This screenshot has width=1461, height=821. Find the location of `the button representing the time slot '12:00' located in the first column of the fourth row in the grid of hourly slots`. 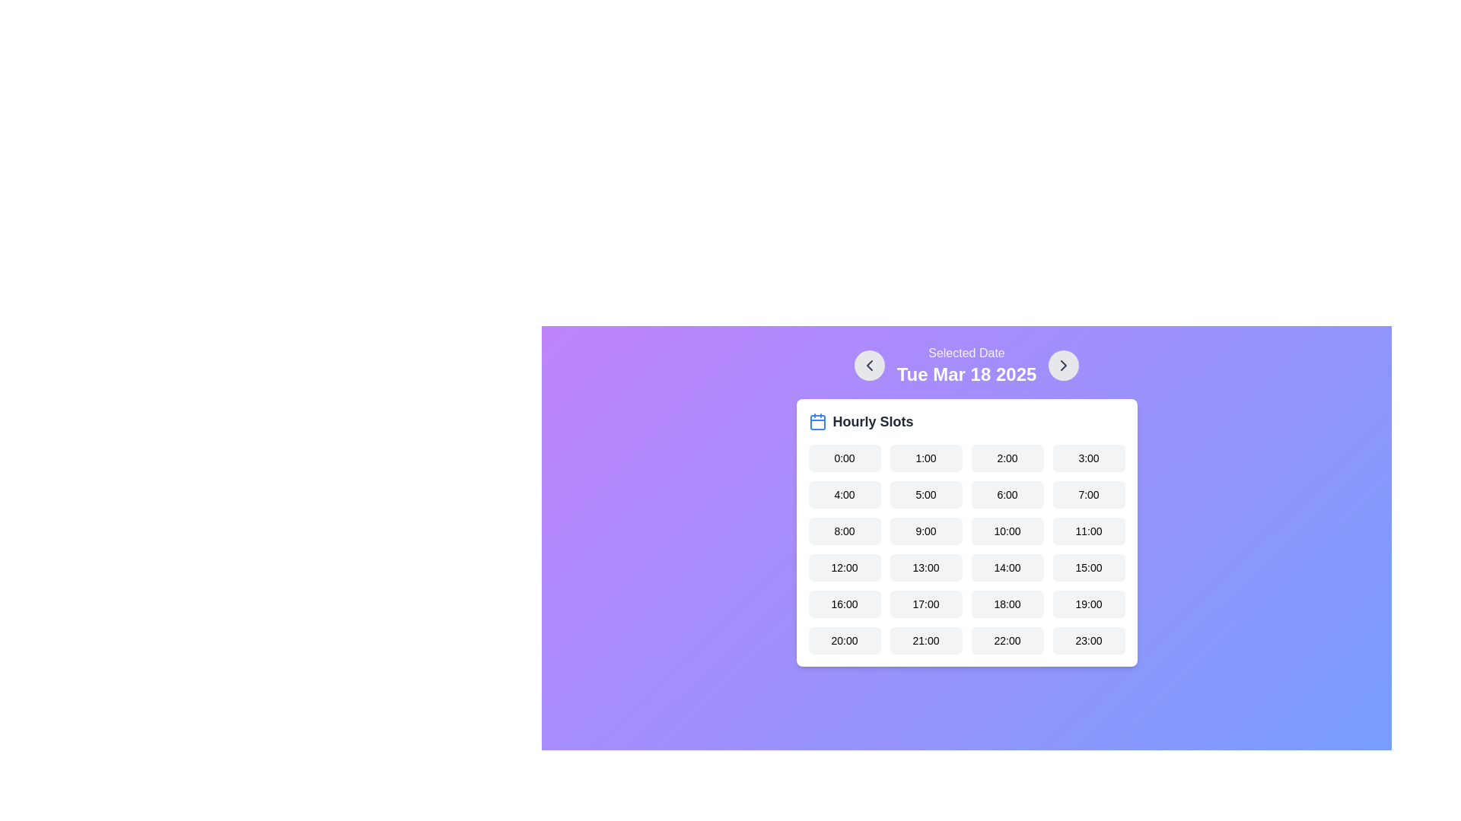

the button representing the time slot '12:00' located in the first column of the fourth row in the grid of hourly slots is located at coordinates (843, 568).